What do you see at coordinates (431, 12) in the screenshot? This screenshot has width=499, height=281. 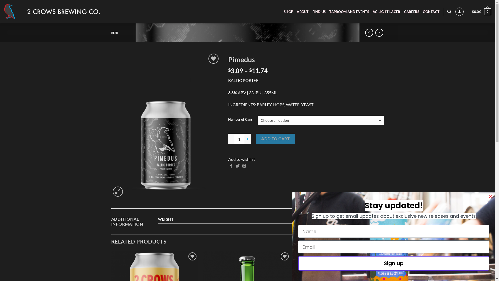 I see `'CONTACT'` at bounding box center [431, 12].